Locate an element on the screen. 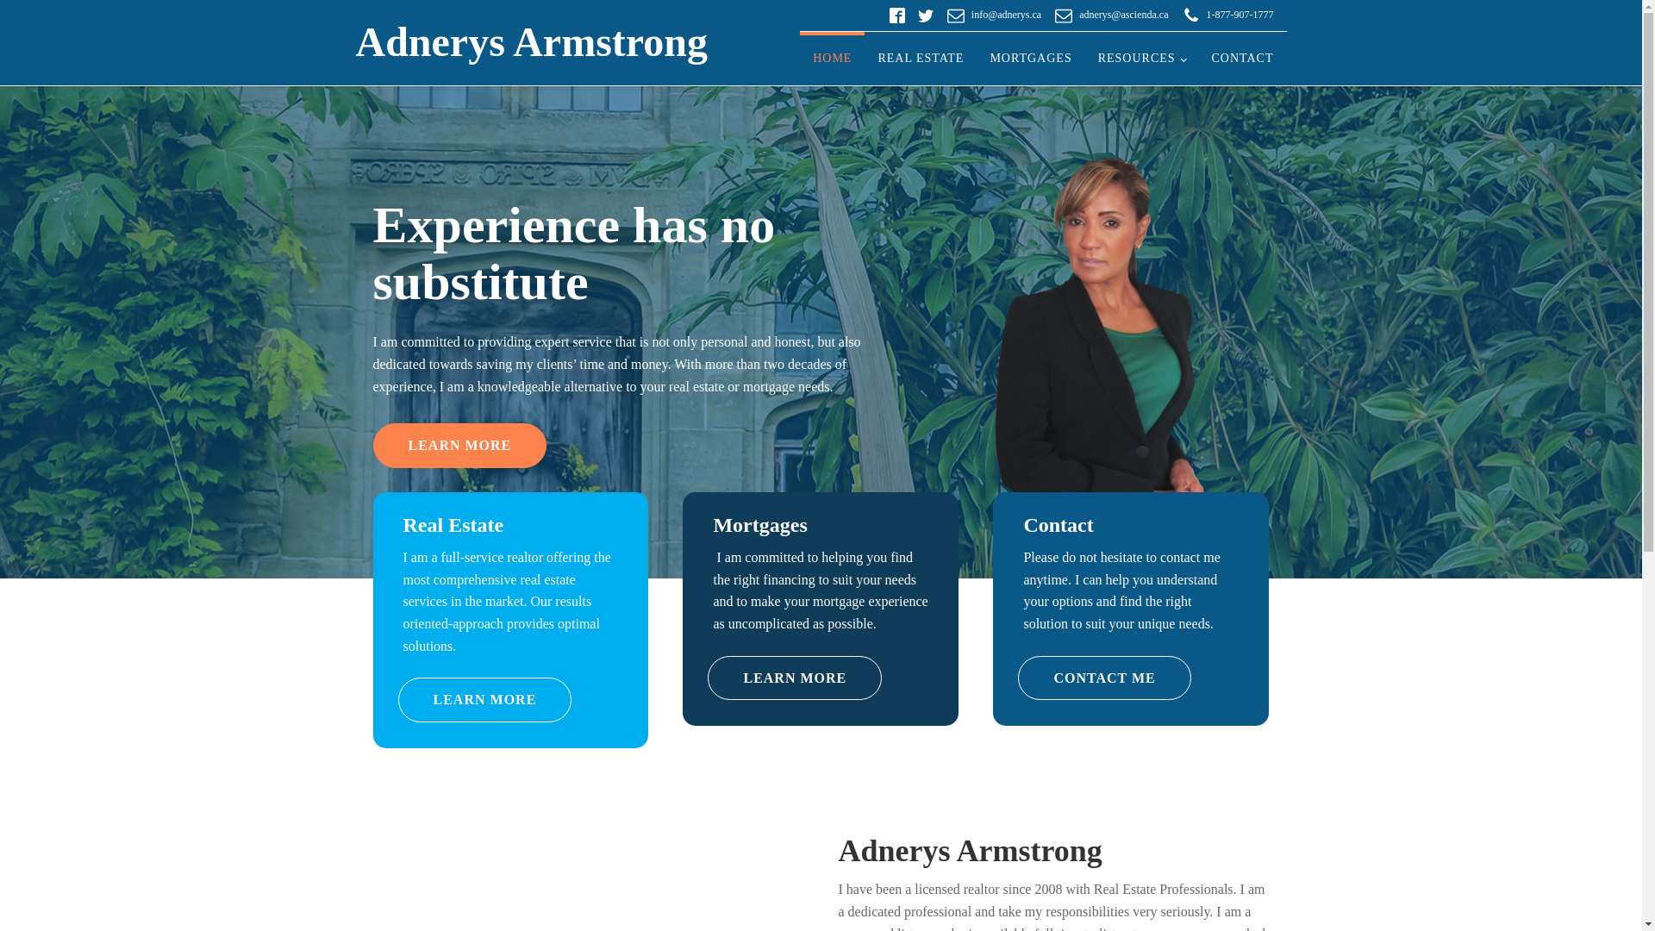  'LEARN MORE' is located at coordinates (707, 677).